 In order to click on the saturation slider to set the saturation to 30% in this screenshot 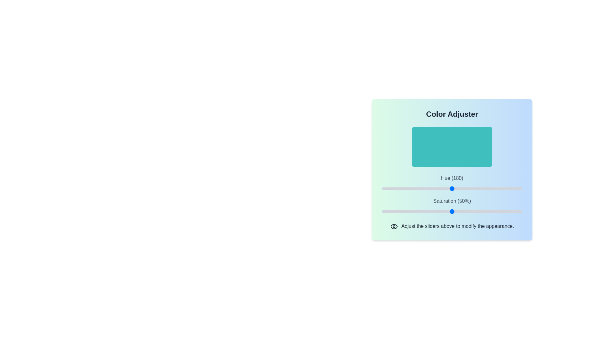, I will do `click(424, 212)`.